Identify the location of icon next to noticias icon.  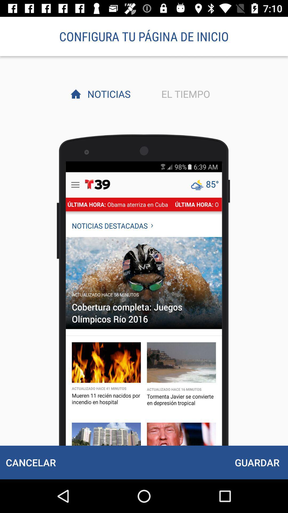
(184, 94).